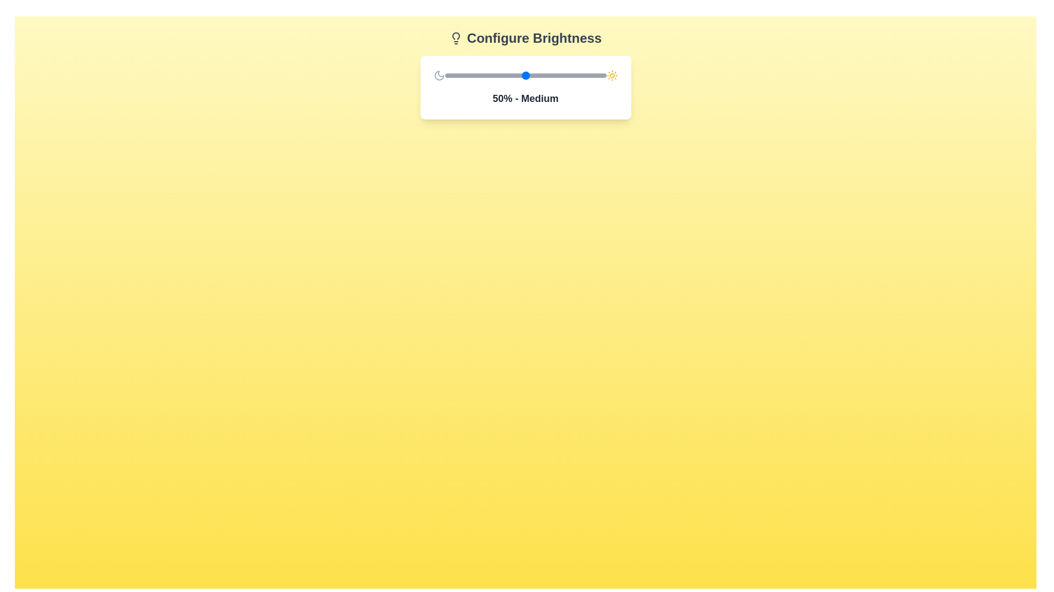 This screenshot has height=592, width=1054. What do you see at coordinates (525, 75) in the screenshot?
I see `the brightness slider to 50%` at bounding box center [525, 75].